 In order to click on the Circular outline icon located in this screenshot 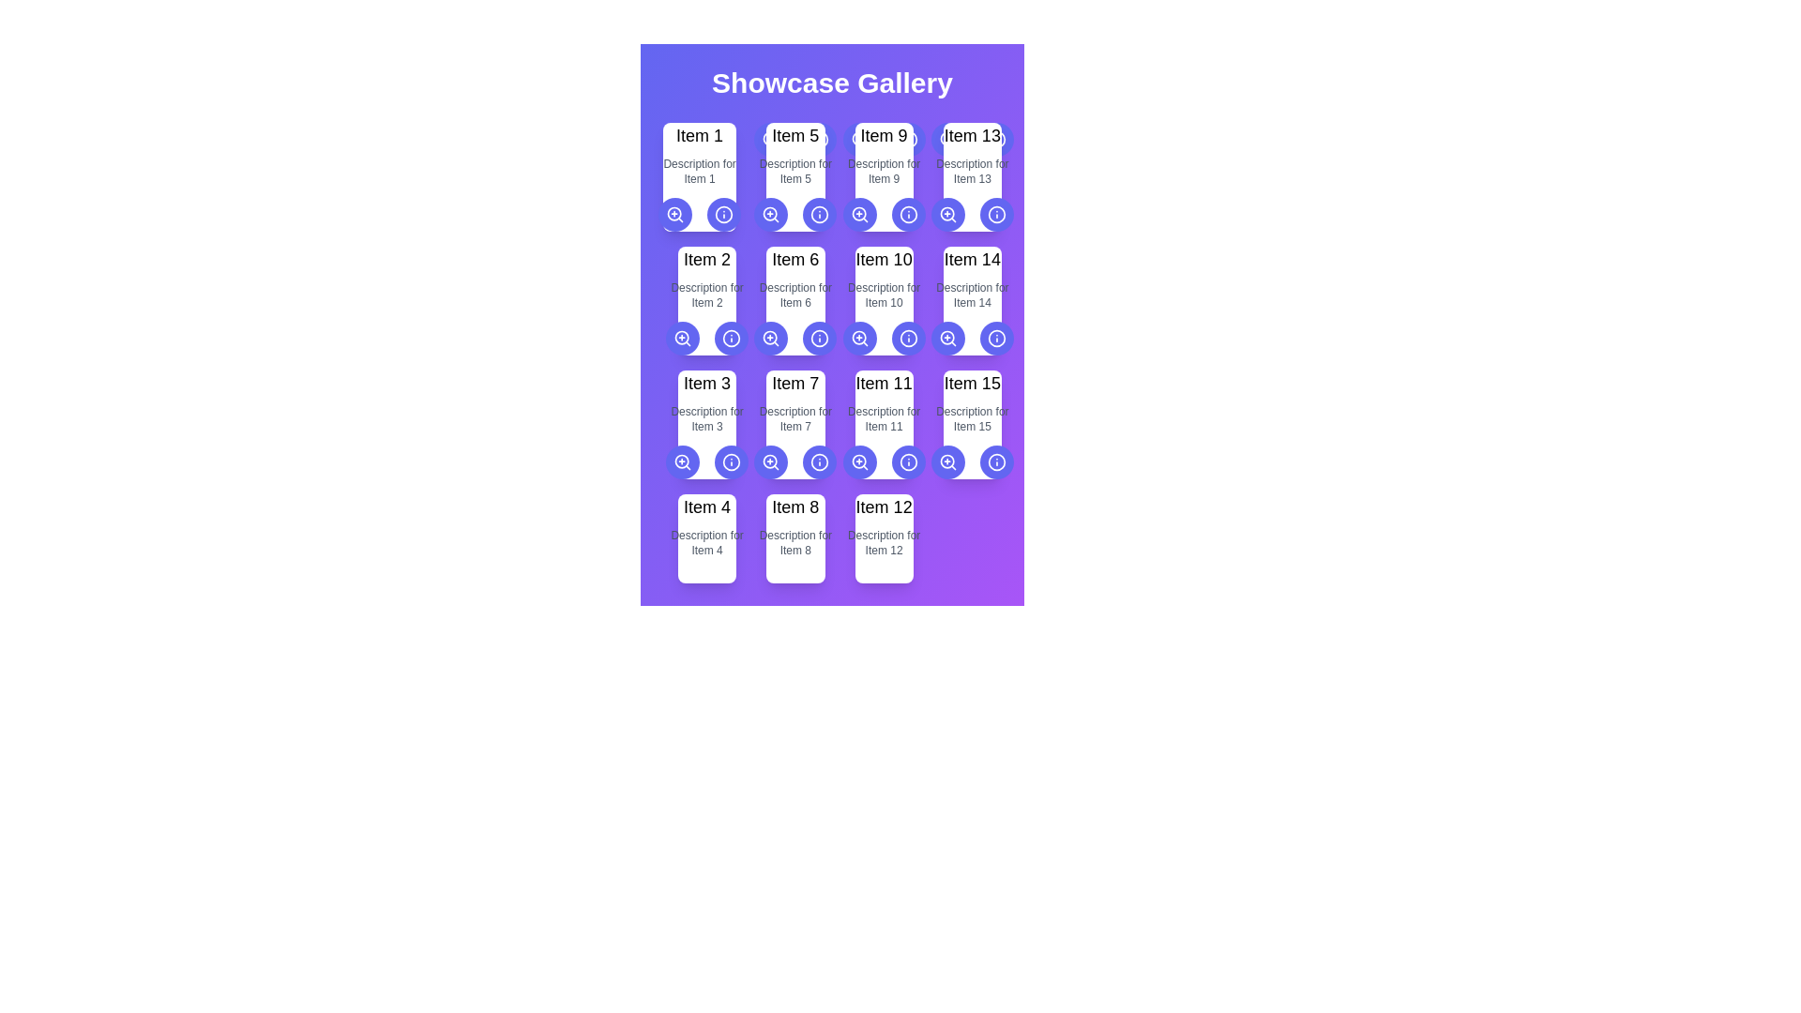, I will do `click(995, 339)`.